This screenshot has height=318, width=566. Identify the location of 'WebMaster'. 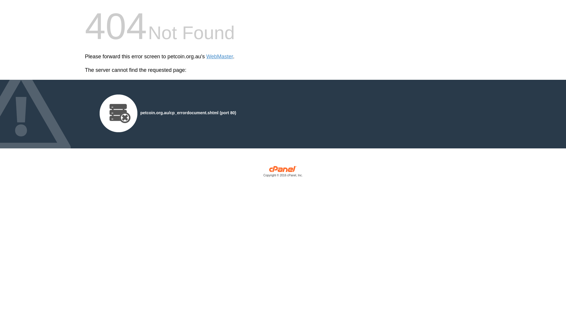
(206, 57).